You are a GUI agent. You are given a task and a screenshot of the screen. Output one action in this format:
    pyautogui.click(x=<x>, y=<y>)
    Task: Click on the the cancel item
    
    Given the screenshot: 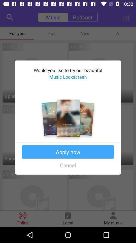 What is the action you would take?
    pyautogui.click(x=68, y=165)
    